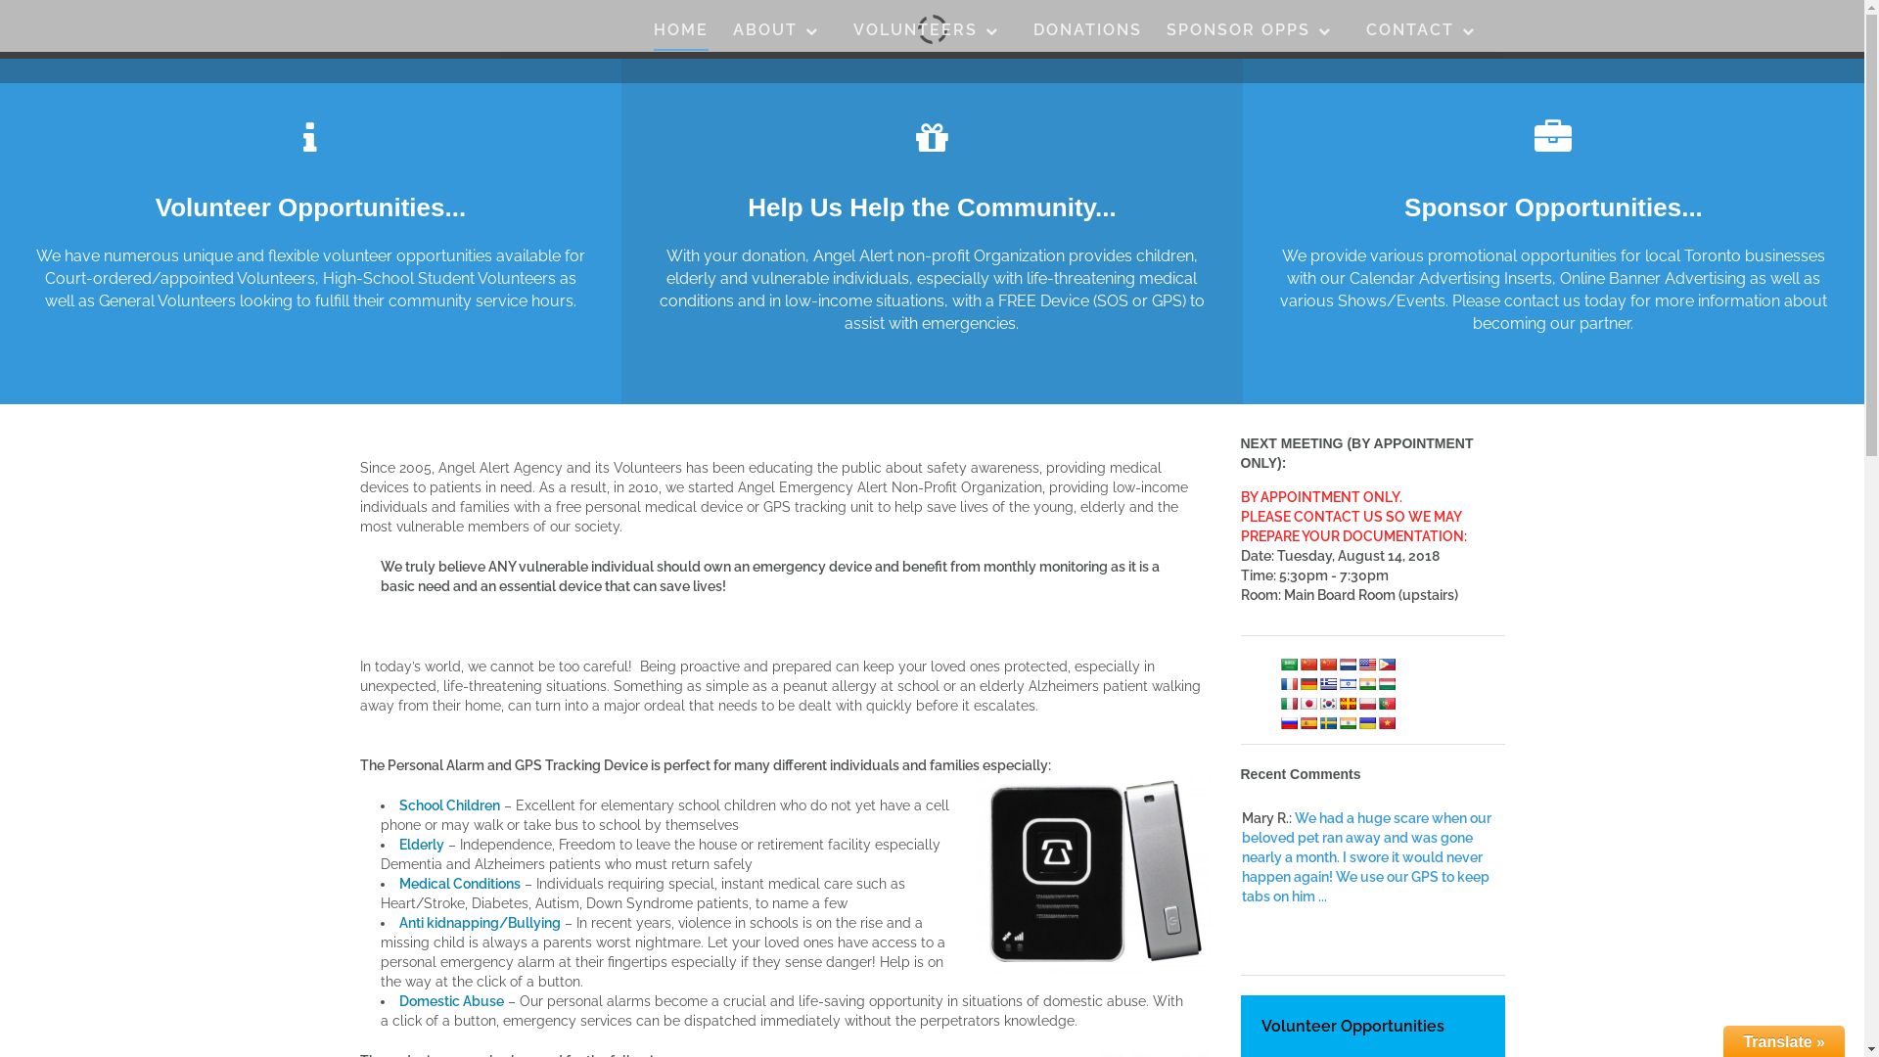  Describe the element at coordinates (1385, 701) in the screenshot. I see `'Portuguese'` at that location.